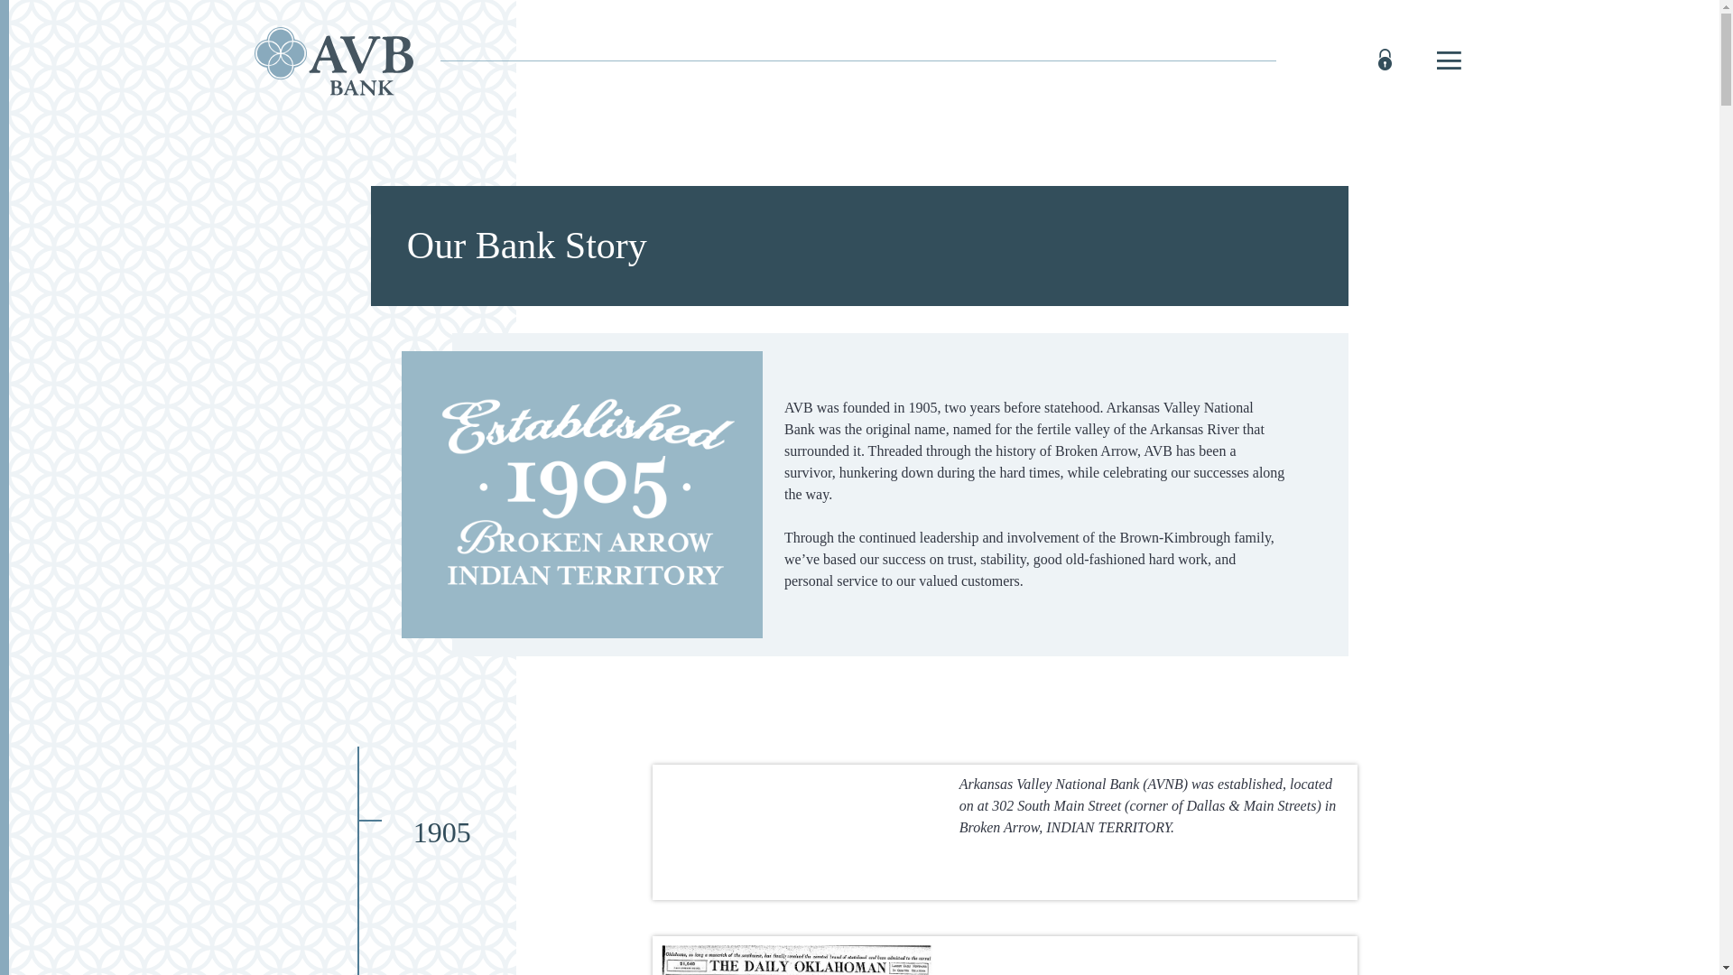  Describe the element at coordinates (1350, 60) in the screenshot. I see `'ONLINE BANKING` at that location.